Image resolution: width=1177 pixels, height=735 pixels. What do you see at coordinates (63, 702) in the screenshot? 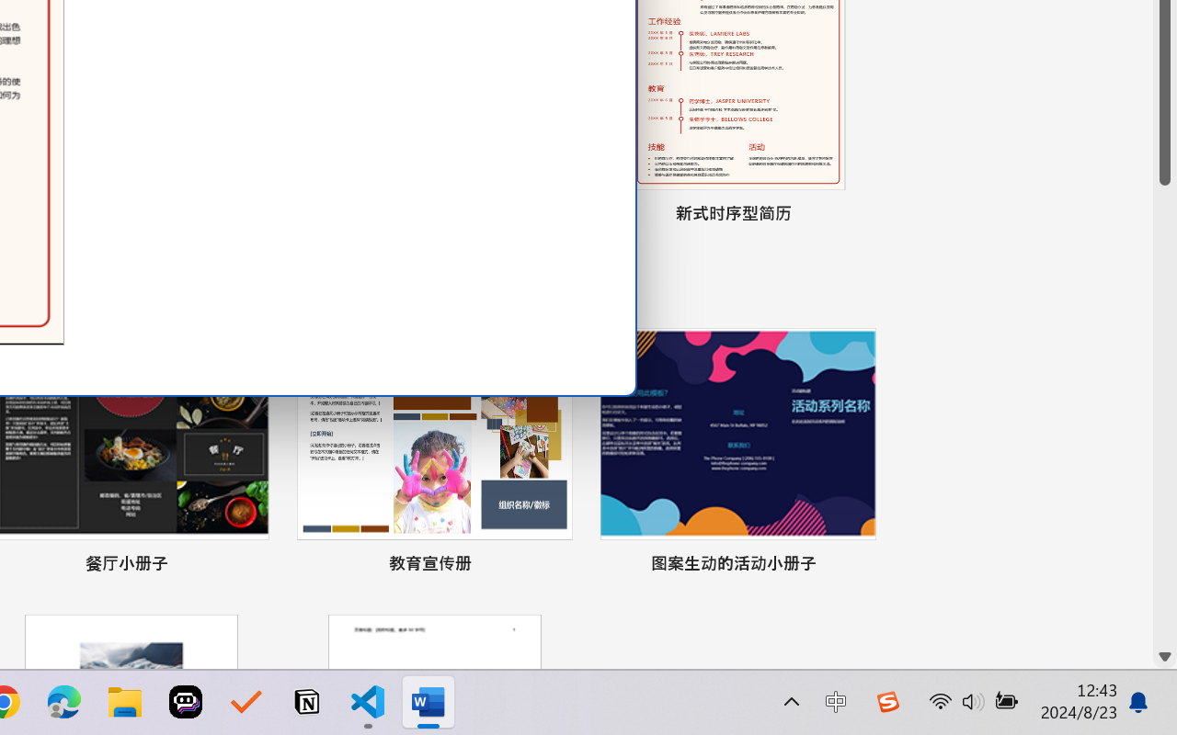
I see `'Microsoft Edge'` at bounding box center [63, 702].